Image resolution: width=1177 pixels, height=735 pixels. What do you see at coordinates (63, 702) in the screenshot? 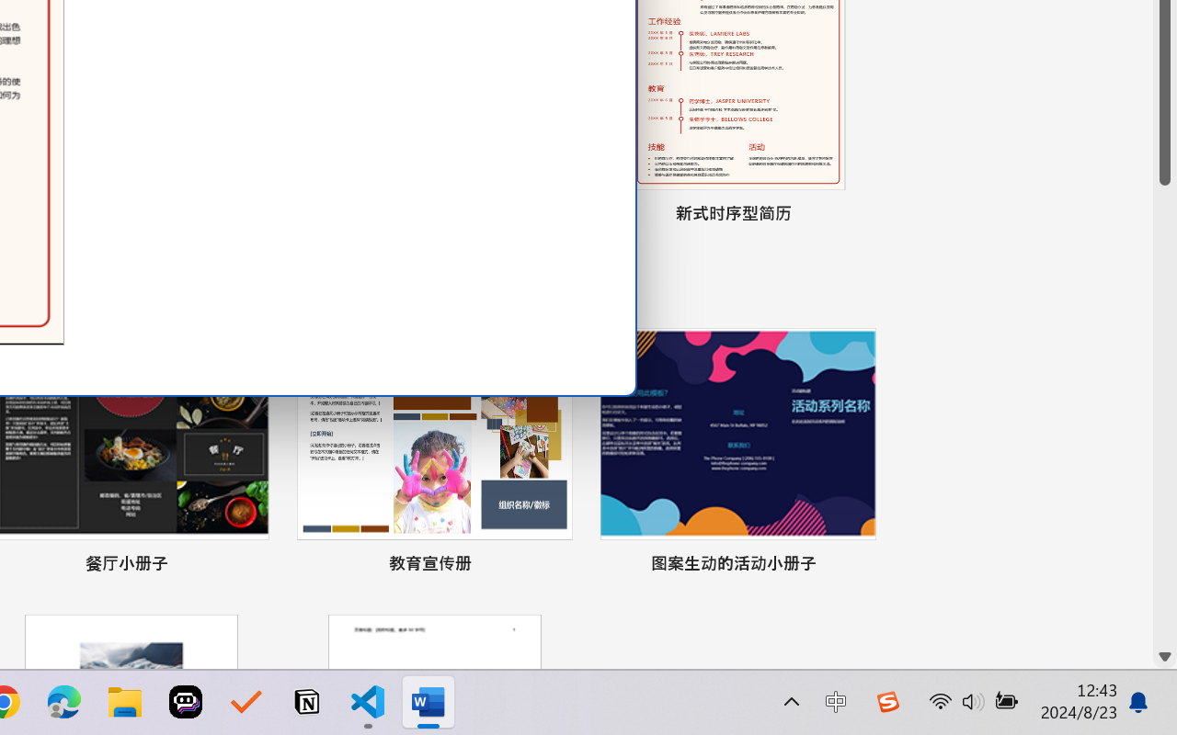
I see `'Microsoft Edge'` at bounding box center [63, 702].